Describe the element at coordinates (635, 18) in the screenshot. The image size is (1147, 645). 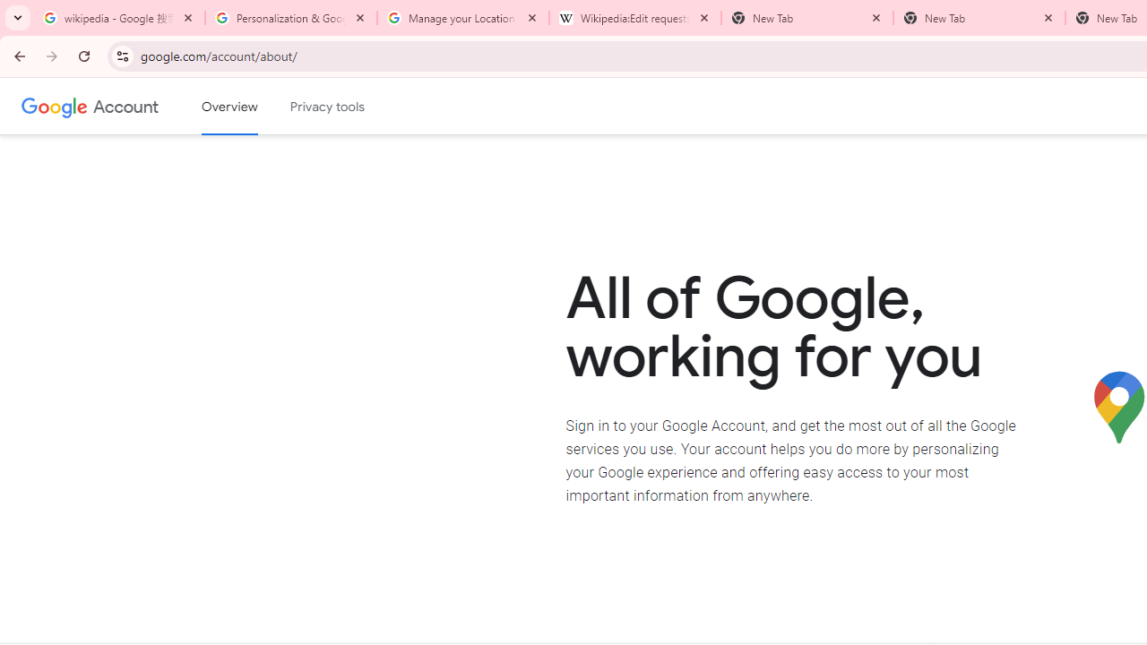
I see `'Wikipedia:Edit requests - Wikipedia'` at that location.